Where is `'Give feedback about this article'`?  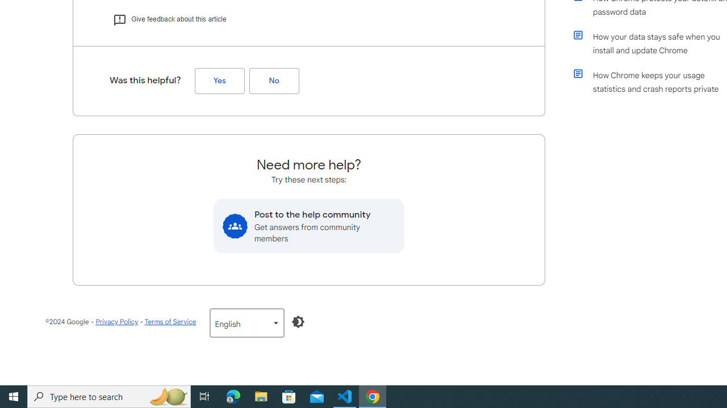 'Give feedback about this article' is located at coordinates (169, 19).